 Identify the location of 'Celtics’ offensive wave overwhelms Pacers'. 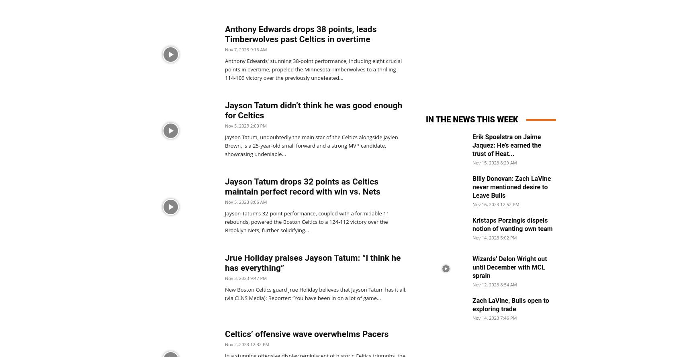
(306, 334).